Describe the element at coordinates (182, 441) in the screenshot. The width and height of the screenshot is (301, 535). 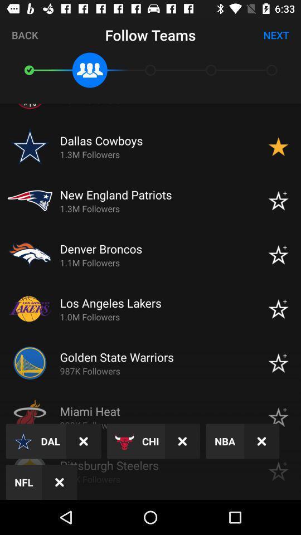
I see `the close icon` at that location.